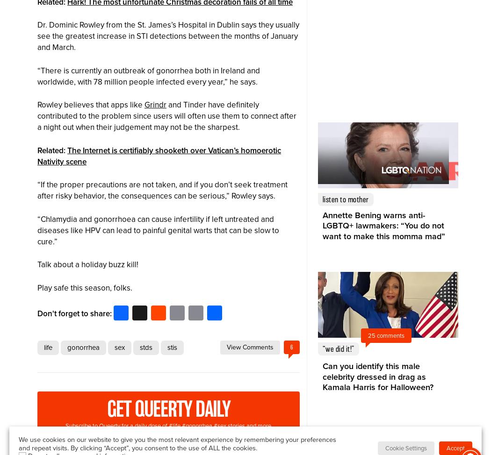 The width and height of the screenshot is (491, 455). Describe the element at coordinates (155, 105) in the screenshot. I see `'Grindr'` at that location.